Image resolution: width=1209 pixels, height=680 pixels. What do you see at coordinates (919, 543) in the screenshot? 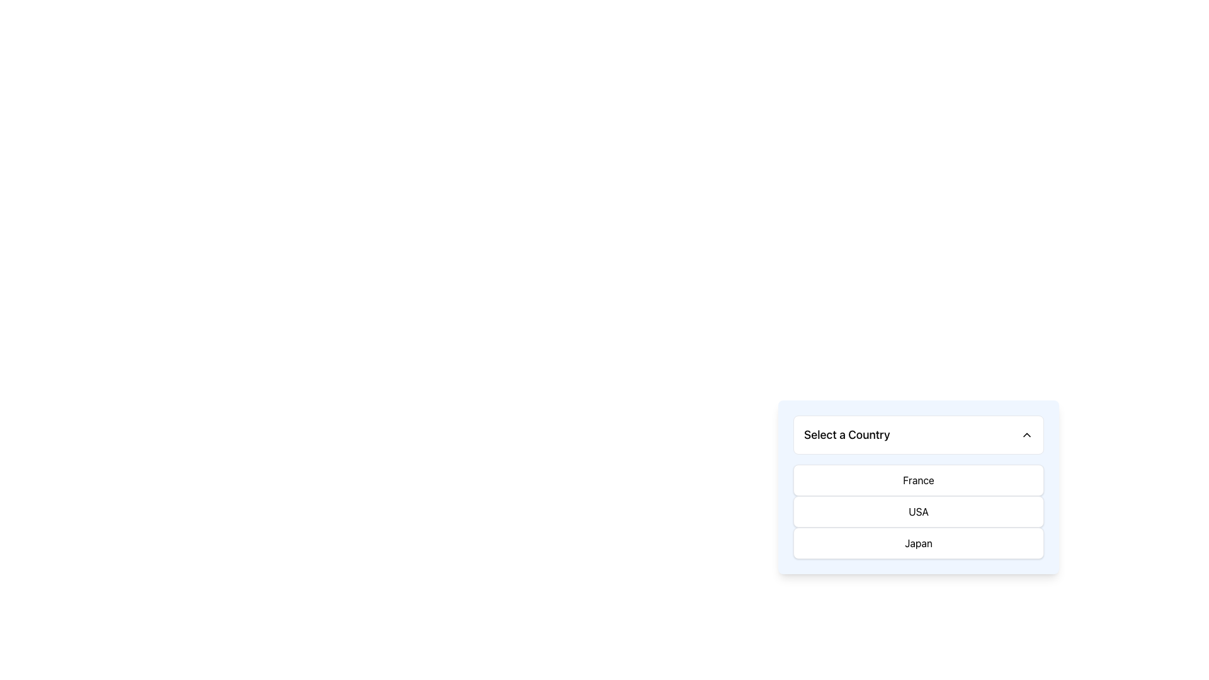
I see `the text indicating the 'Japan' option in the dropdown menu` at bounding box center [919, 543].